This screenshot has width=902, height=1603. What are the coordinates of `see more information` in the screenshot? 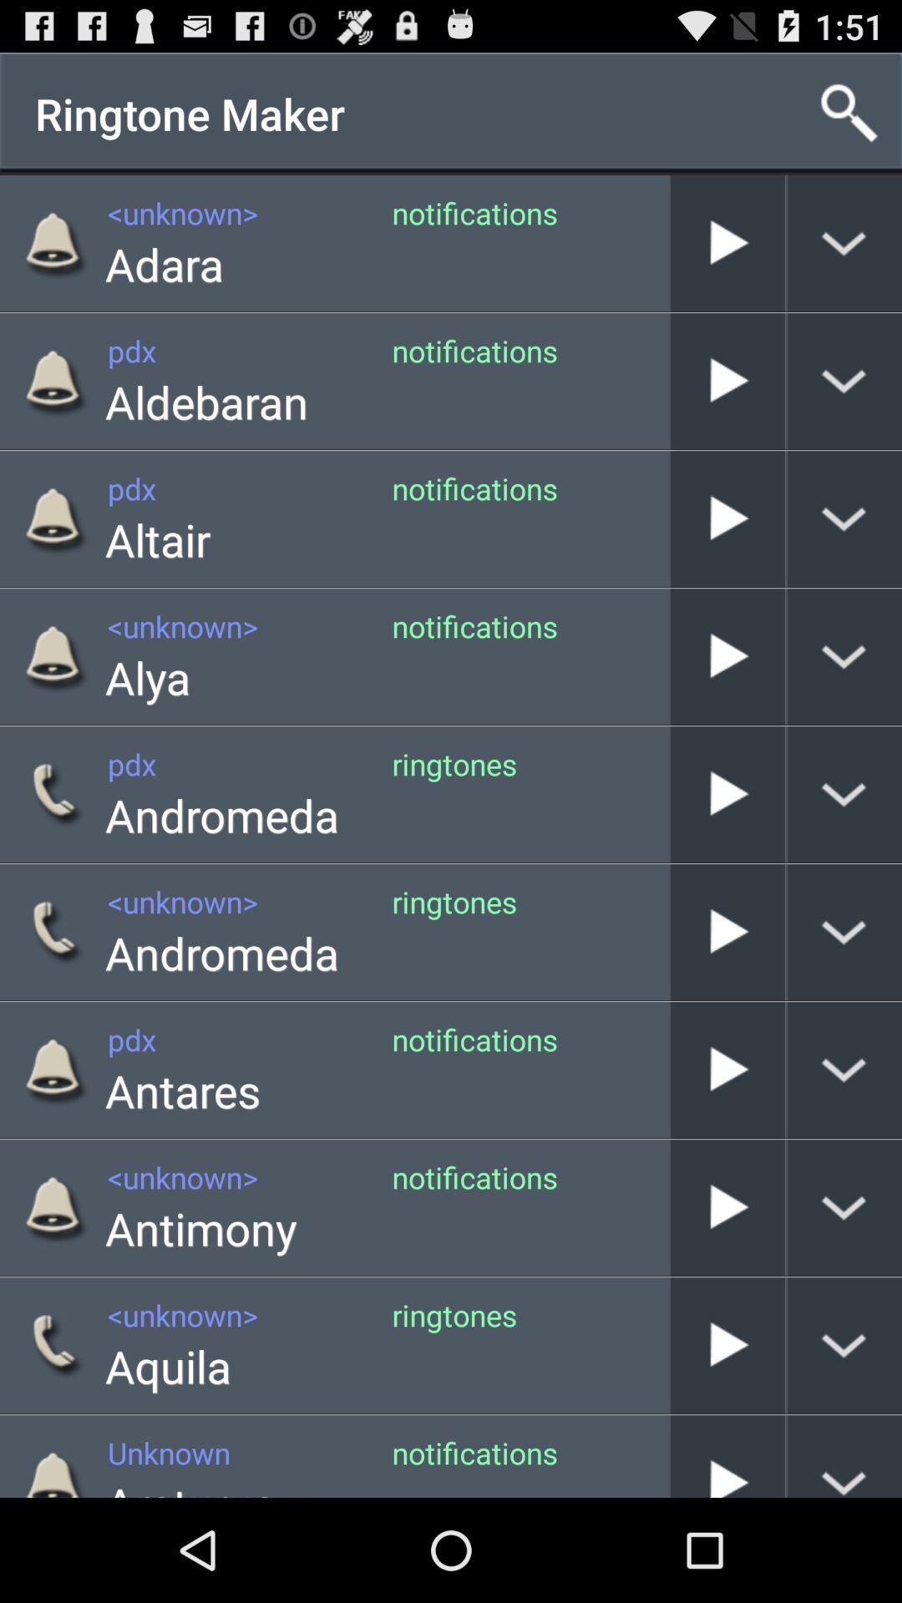 It's located at (844, 931).